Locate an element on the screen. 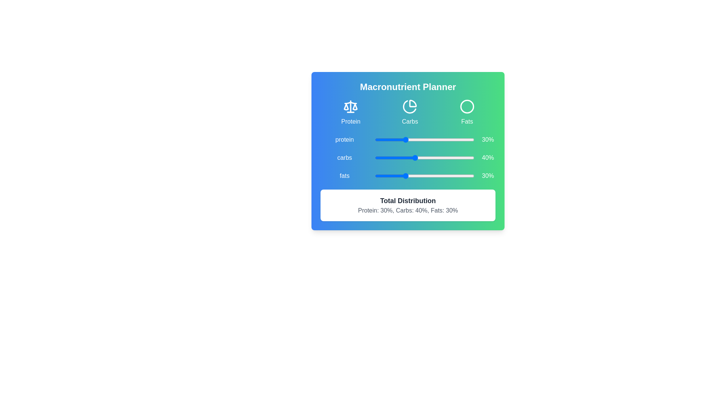 The width and height of the screenshot is (724, 407). the Text label that indicates carbohydrate-related information, located centrally between the 'Protein' and 'Fats' headers is located at coordinates (410, 121).